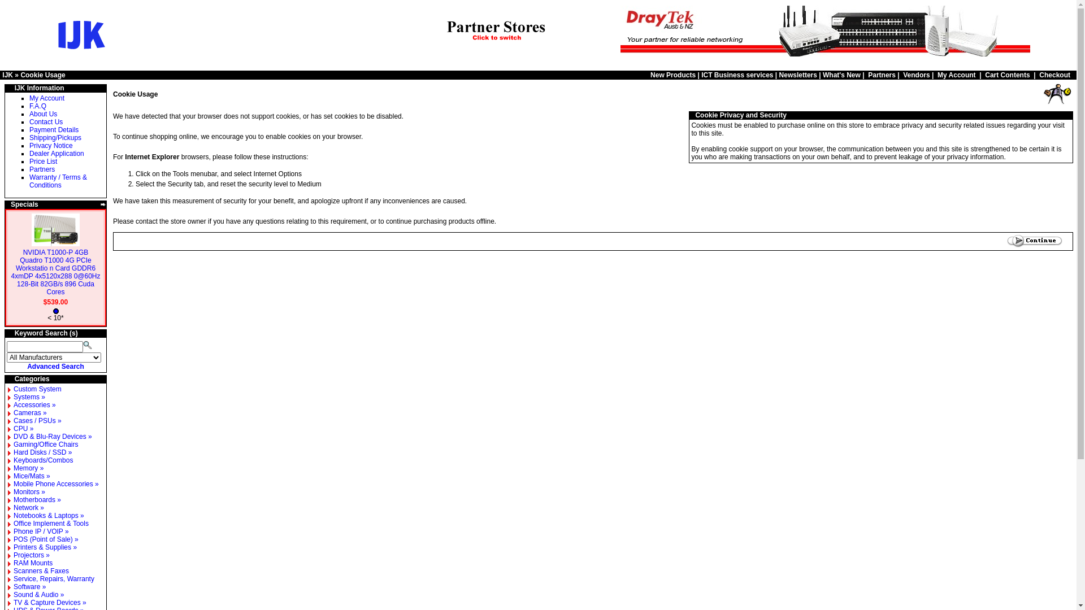 This screenshot has width=1085, height=610. Describe the element at coordinates (88, 343) in the screenshot. I see `' Search '` at that location.